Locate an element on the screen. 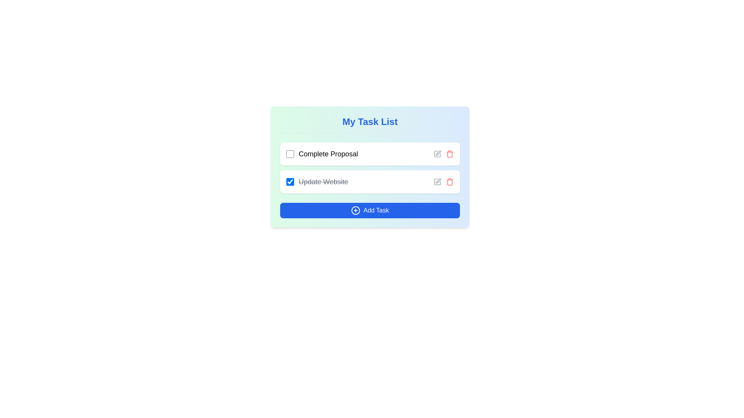  the edit icon, which resembles a diagonal pen drawing movement, located to the right of the 'Update Website' text in the task list interface is located at coordinates (438, 153).